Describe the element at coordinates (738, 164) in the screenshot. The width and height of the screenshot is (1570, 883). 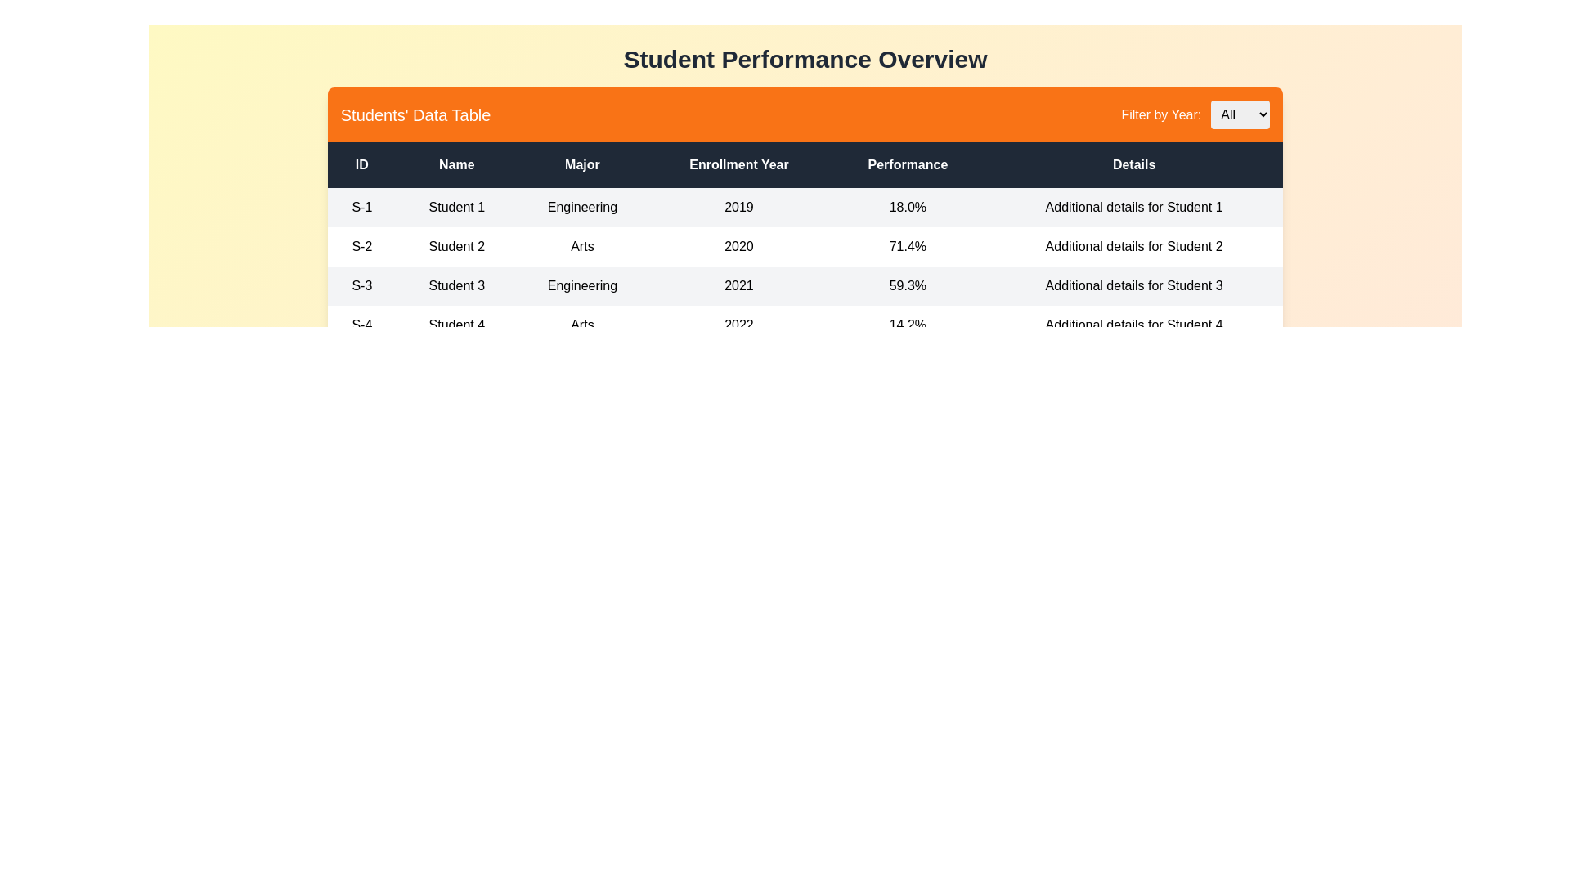
I see `the column header Enrollment Year to sort the table by that column` at that location.